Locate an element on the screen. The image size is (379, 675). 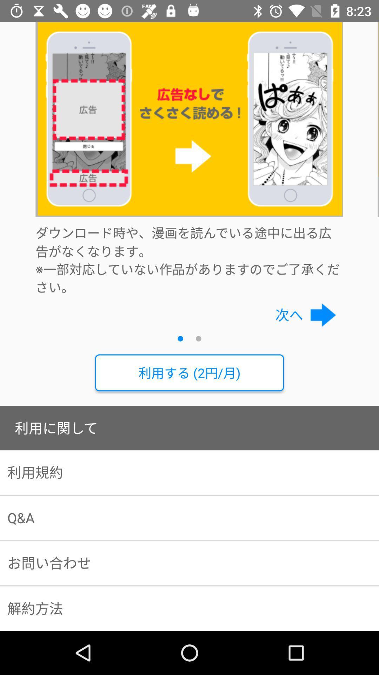
the item above q&a item is located at coordinates (189, 472).